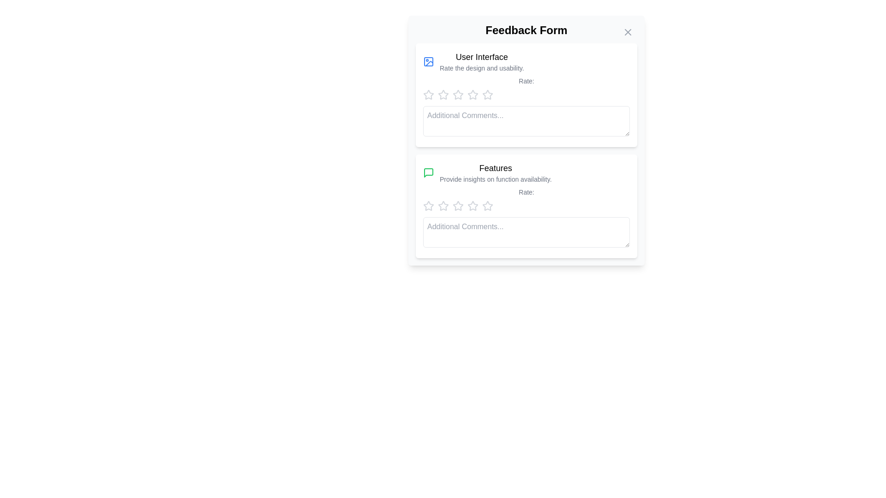  Describe the element at coordinates (443, 95) in the screenshot. I see `the second star icon in the 'User Interface' section of the feedback form` at that location.